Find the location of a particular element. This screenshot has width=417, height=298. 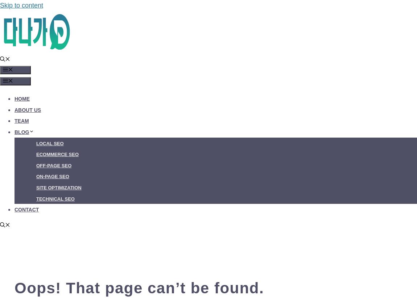

'Contact' is located at coordinates (26, 209).